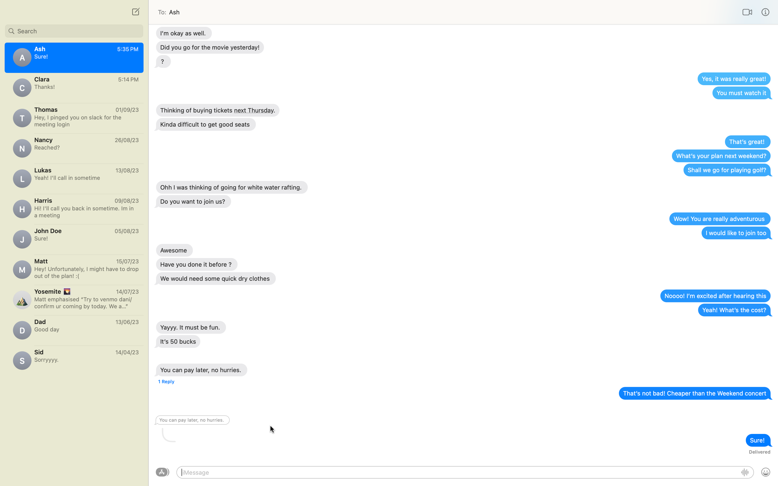  Describe the element at coordinates (74, 147) in the screenshot. I see `Compose a text message to Ash asking "Did you had fun?` at that location.